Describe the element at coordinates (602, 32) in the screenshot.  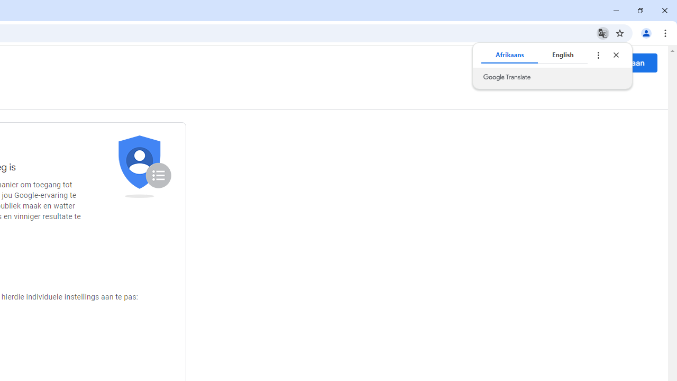
I see `'Translate this page'` at that location.